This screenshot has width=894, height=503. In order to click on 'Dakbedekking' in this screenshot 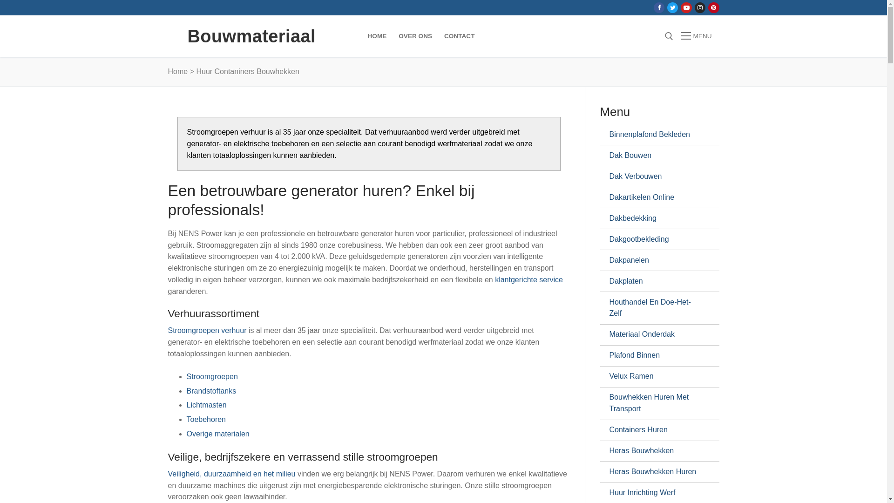, I will do `click(609, 218)`.